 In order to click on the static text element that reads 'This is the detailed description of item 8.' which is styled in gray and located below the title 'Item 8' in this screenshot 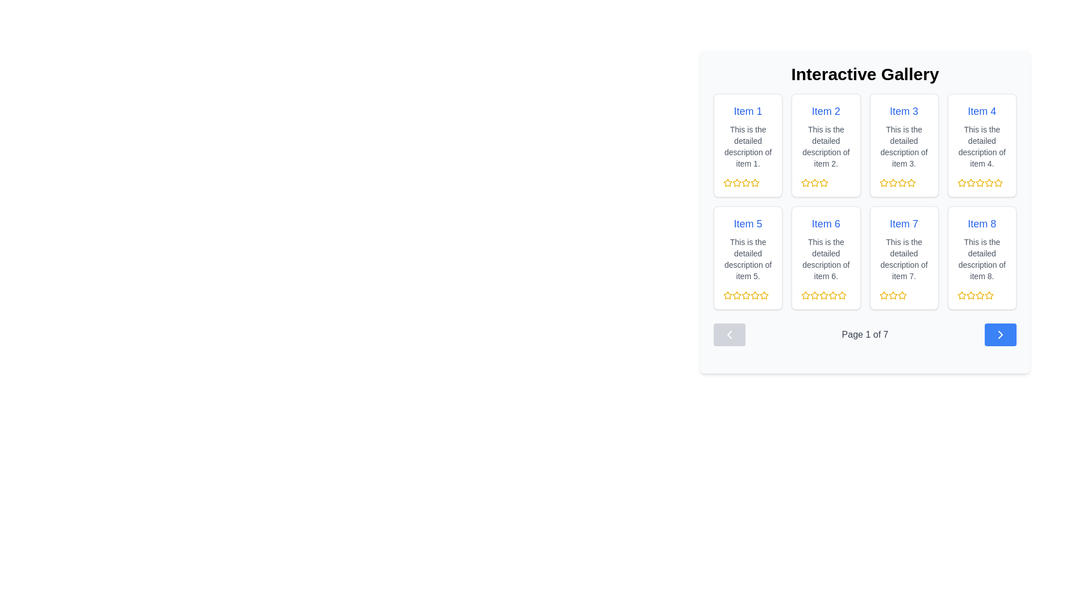, I will do `click(981, 259)`.